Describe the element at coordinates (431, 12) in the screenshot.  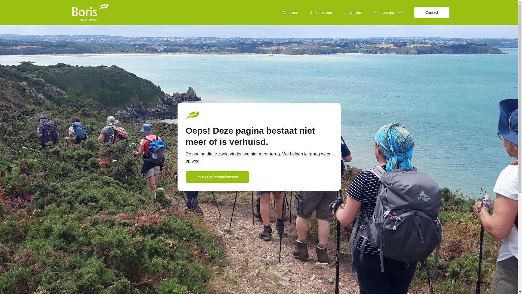
I see `'Contact'` at that location.